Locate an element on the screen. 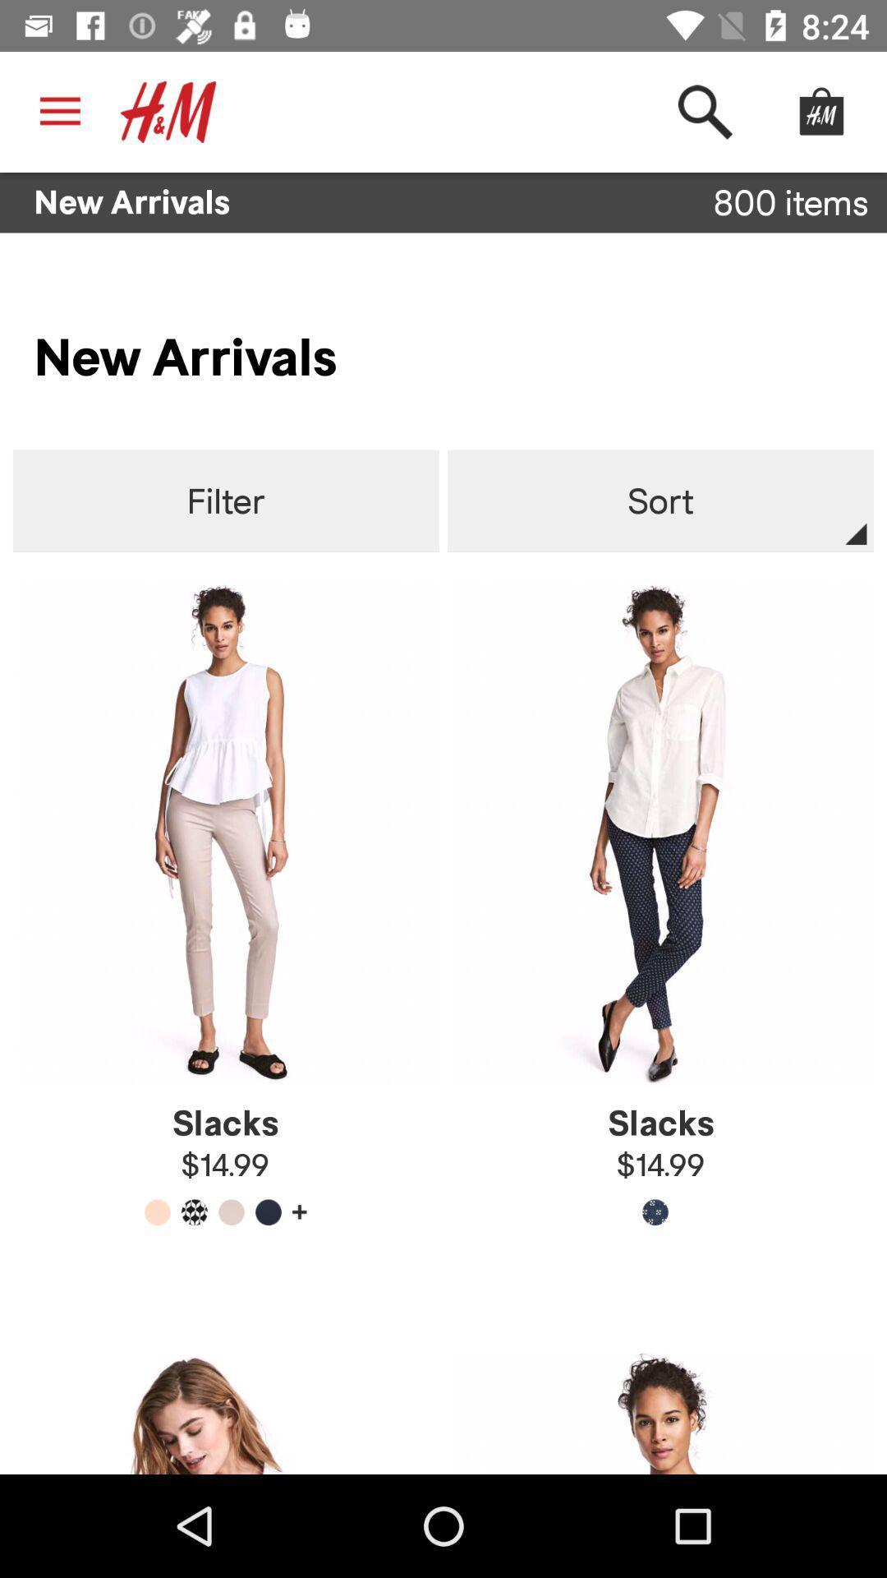  the third color below the first image is located at coordinates (231, 1212).